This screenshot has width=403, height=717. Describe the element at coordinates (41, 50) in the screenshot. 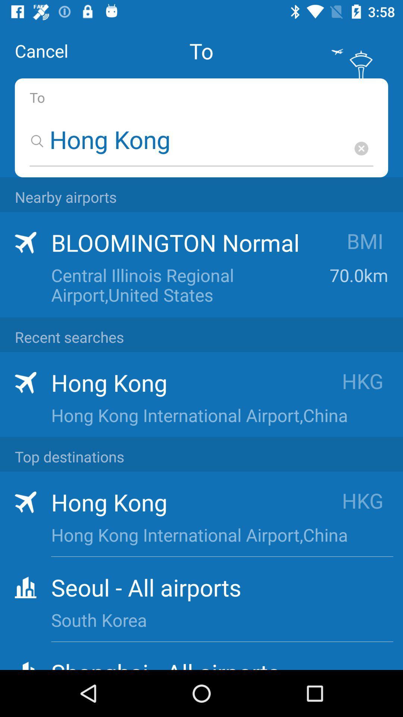

I see `the cancel` at that location.